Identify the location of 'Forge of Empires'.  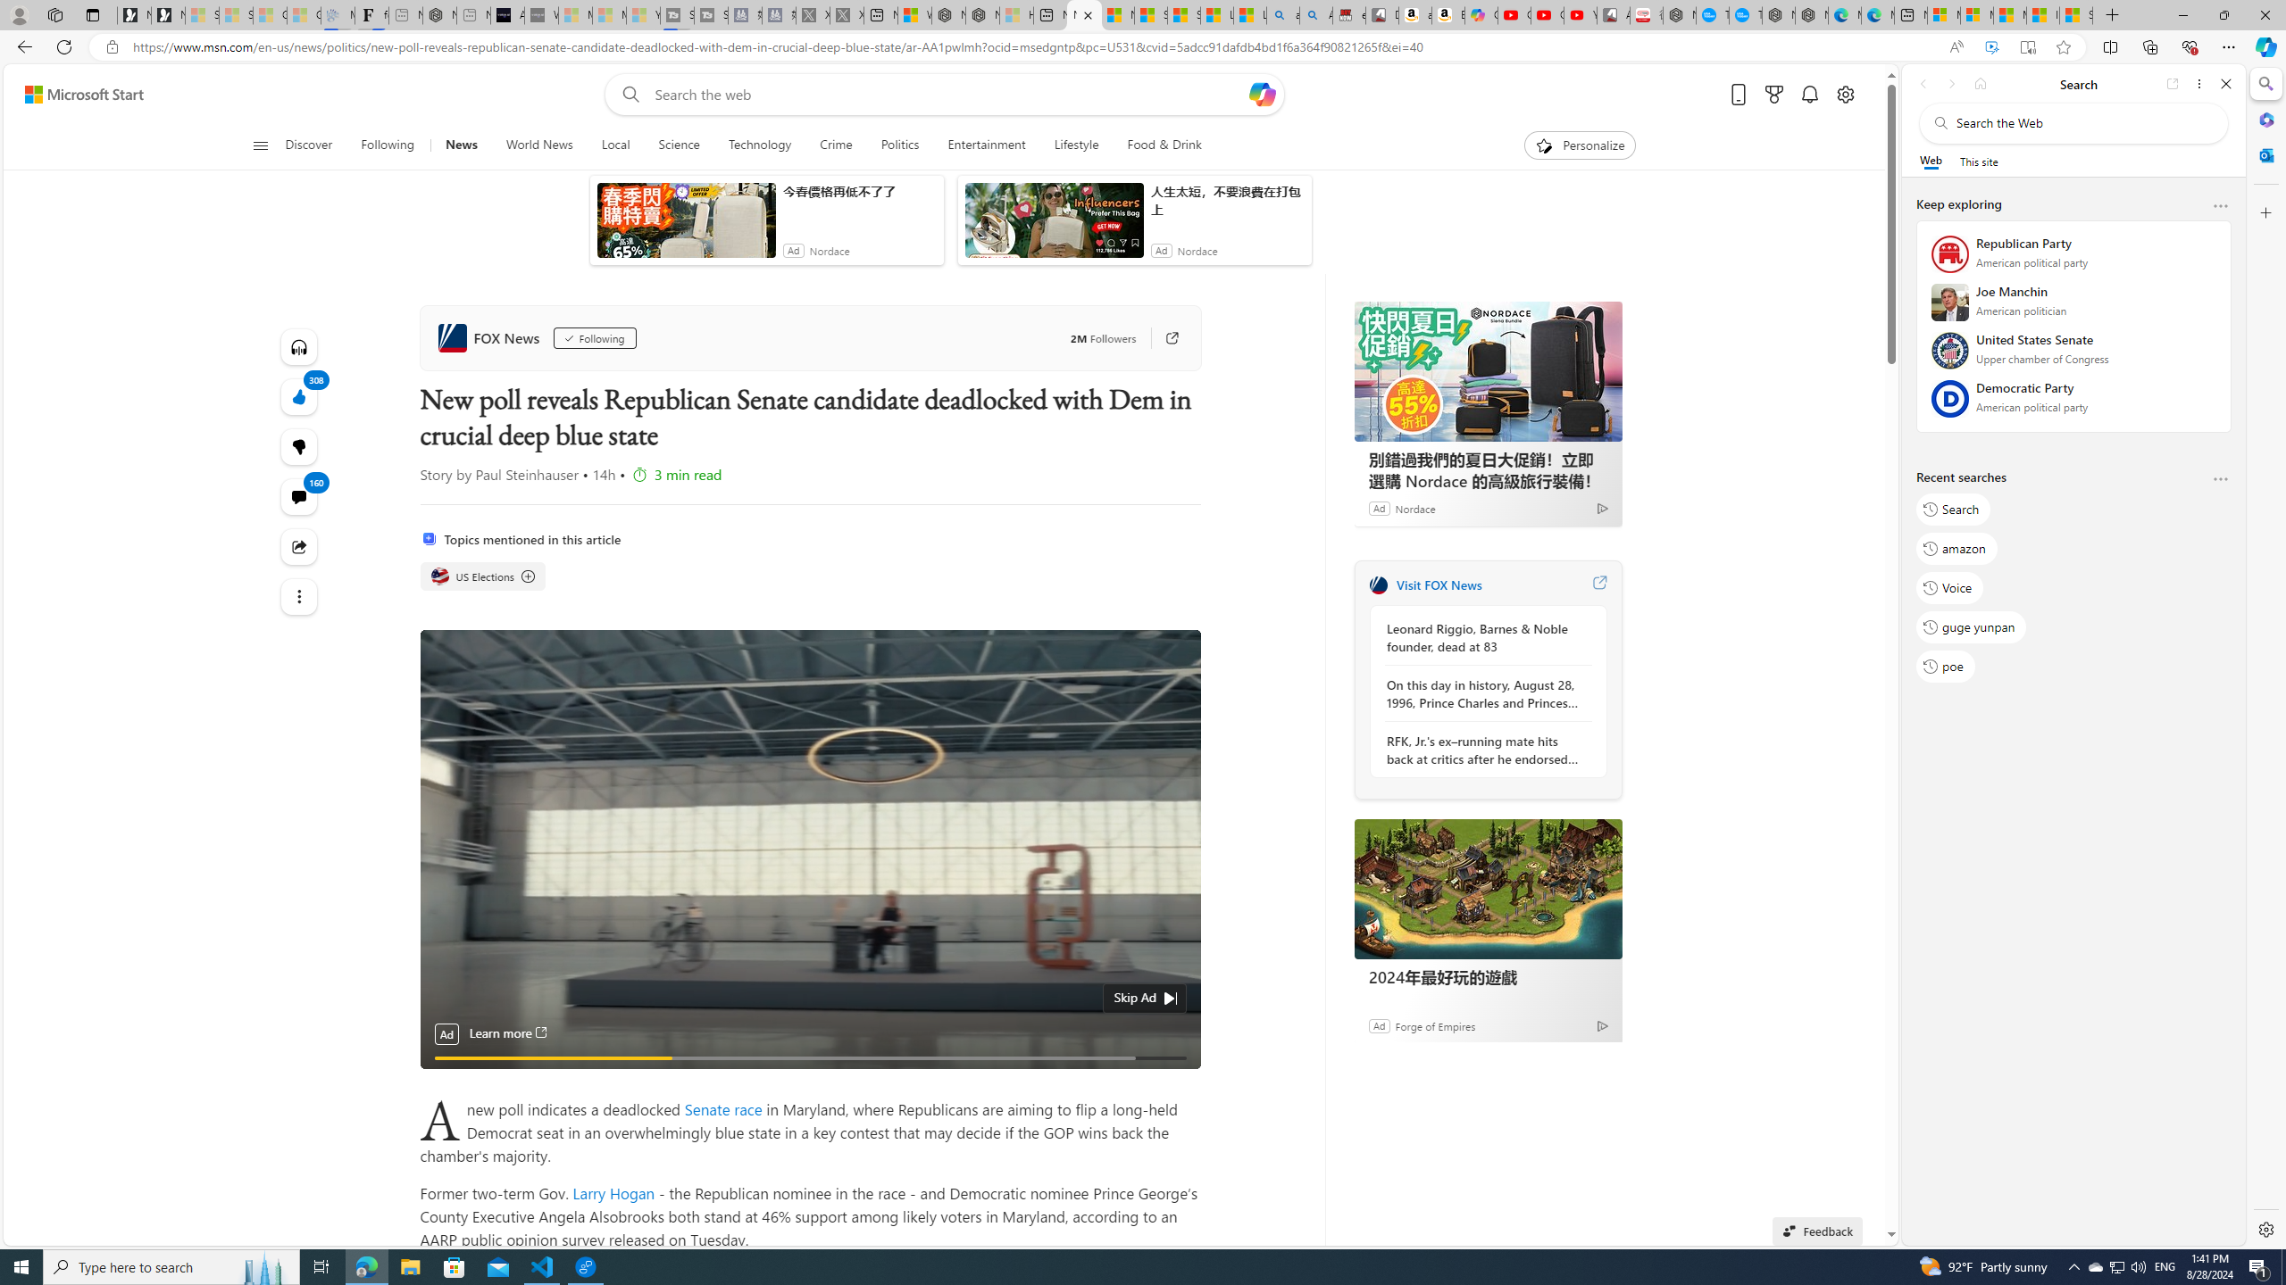
(1434, 1024).